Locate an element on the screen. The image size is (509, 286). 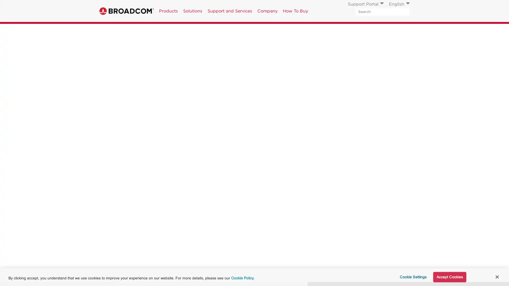
Solutions is located at coordinates (192, 11).